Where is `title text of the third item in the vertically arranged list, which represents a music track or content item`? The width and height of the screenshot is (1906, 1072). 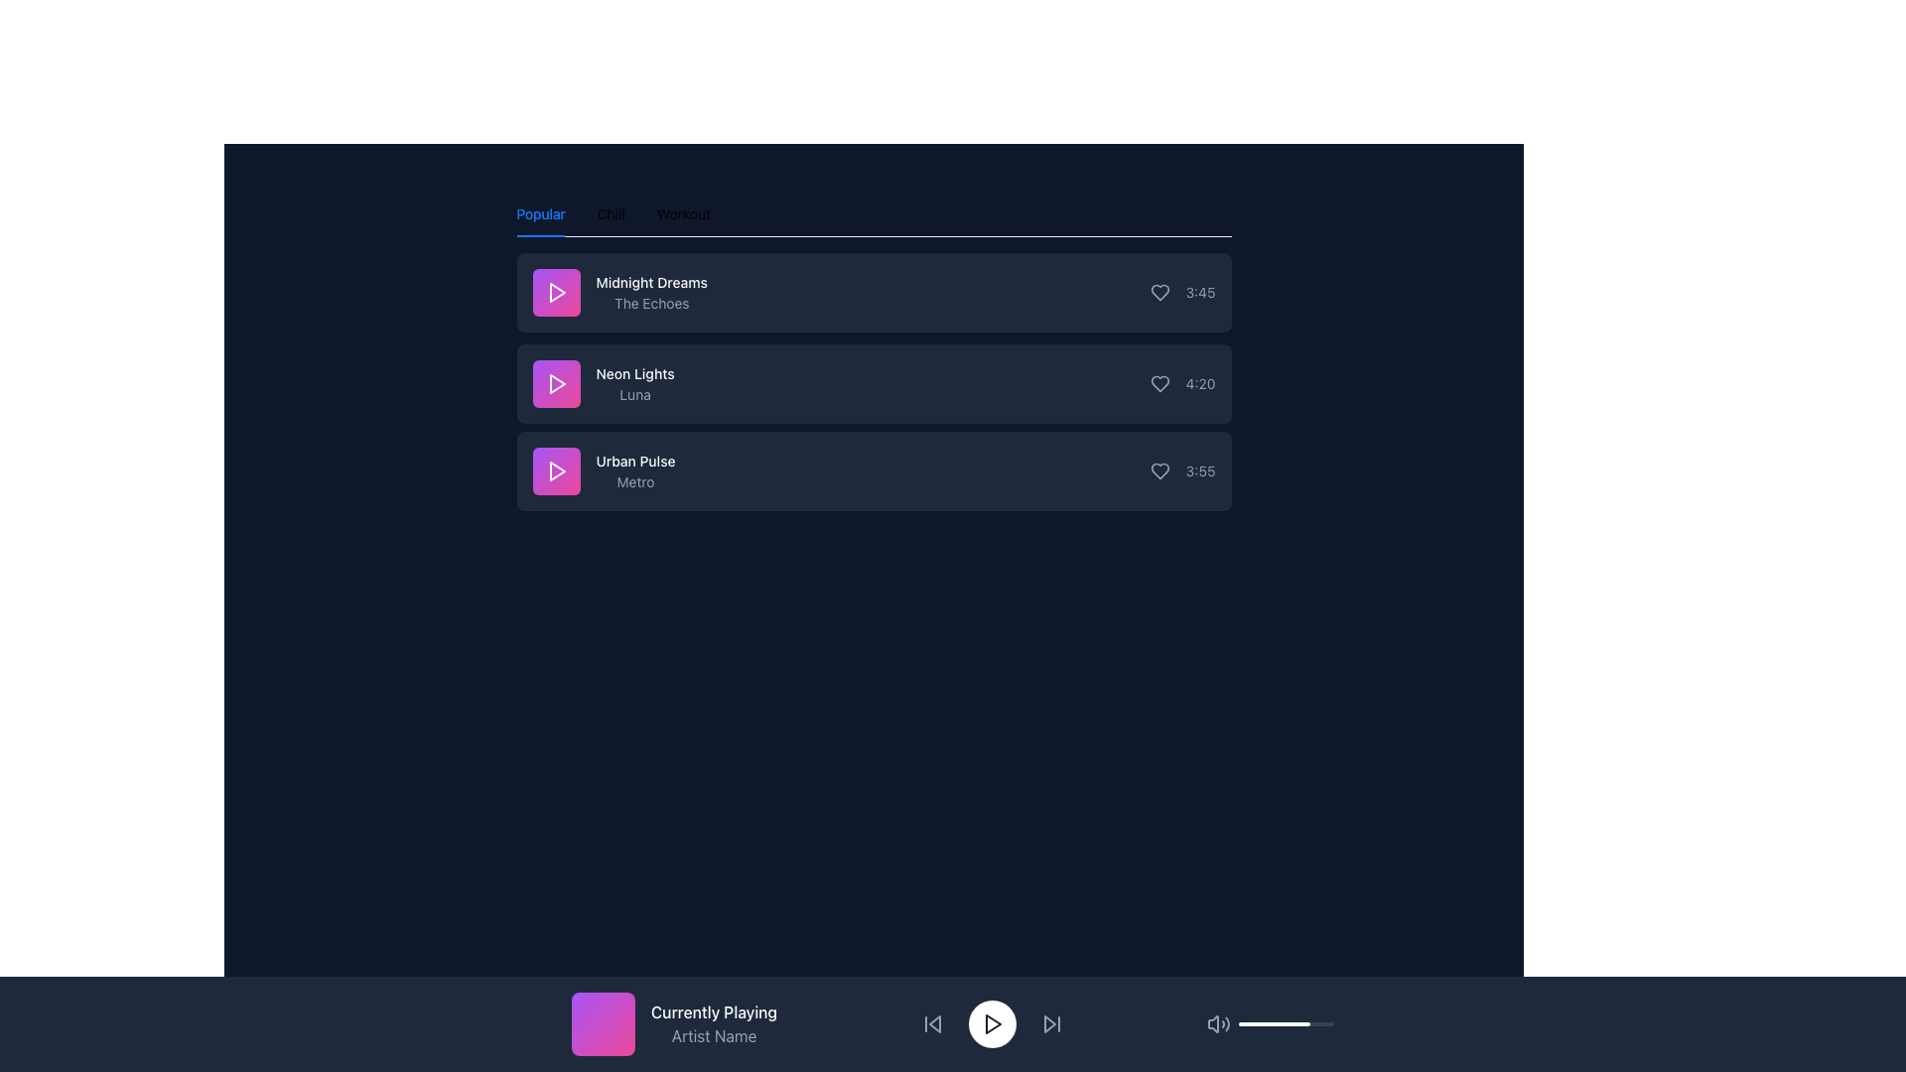
title text of the third item in the vertically arranged list, which represents a music track or content item is located at coordinates (635, 462).